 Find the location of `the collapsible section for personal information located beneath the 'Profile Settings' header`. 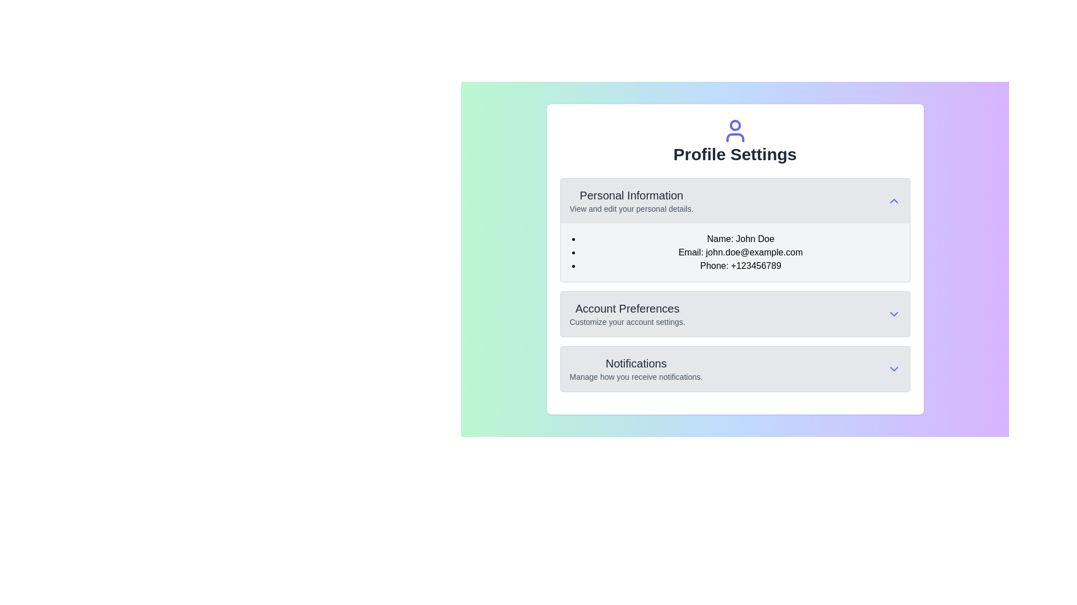

the collapsible section for personal information located beneath the 'Profile Settings' header is located at coordinates (735, 230).